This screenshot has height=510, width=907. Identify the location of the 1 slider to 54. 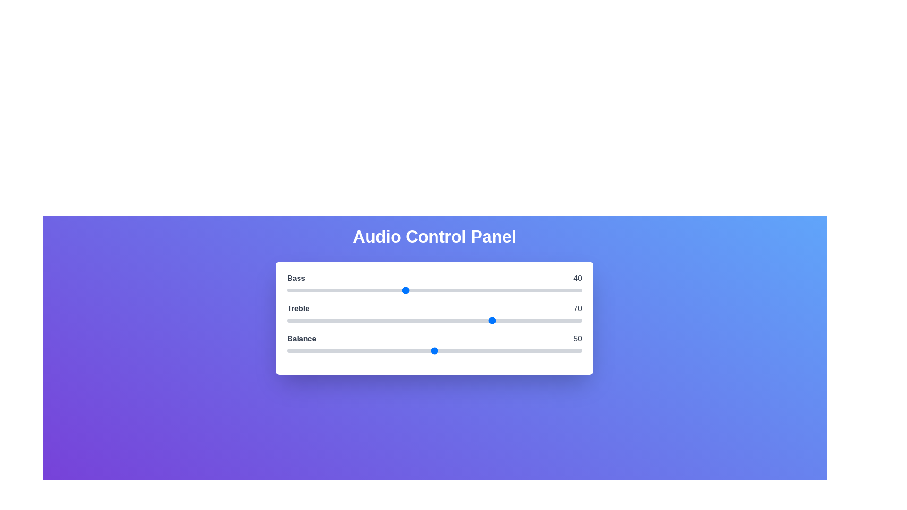
(446, 320).